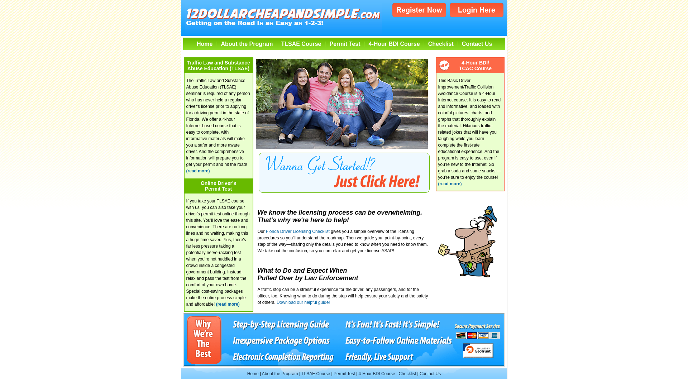  Describe the element at coordinates (228, 304) in the screenshot. I see `'(read more)'` at that location.